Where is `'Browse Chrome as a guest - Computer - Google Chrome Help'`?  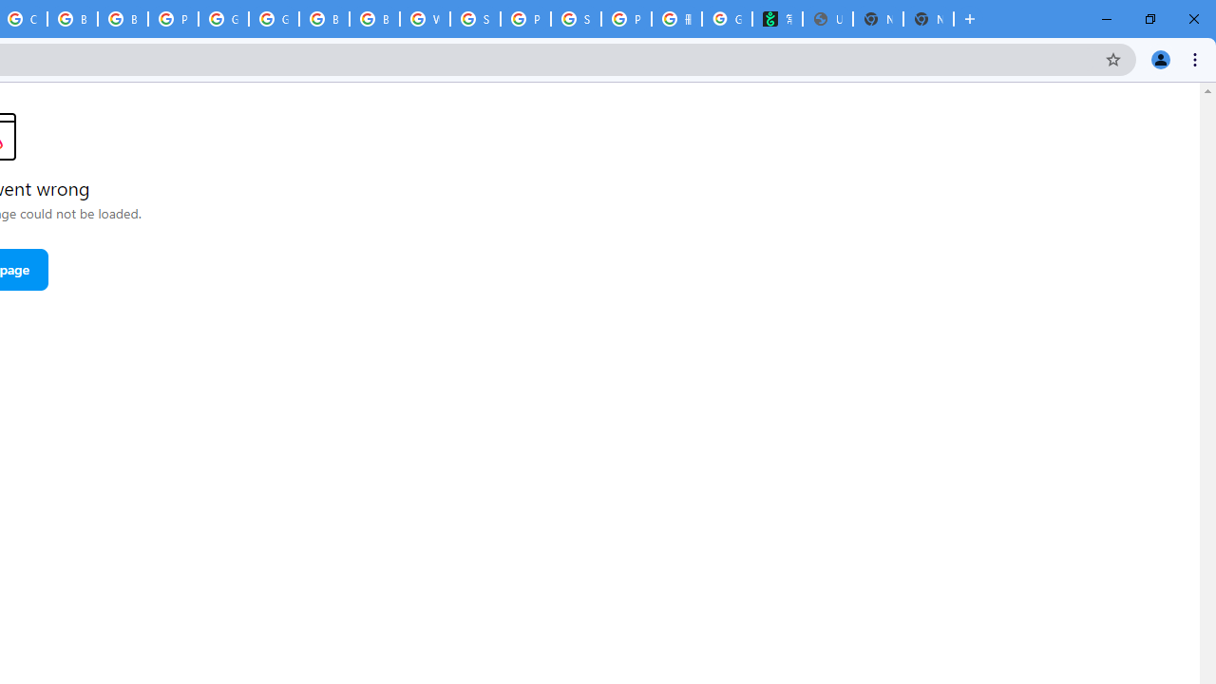 'Browse Chrome as a guest - Computer - Google Chrome Help' is located at coordinates (72, 19).